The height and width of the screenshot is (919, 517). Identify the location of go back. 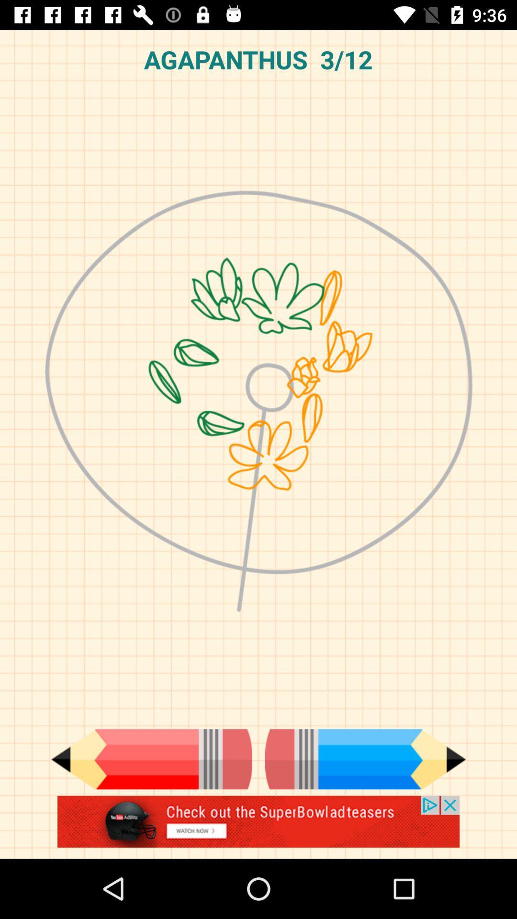
(151, 759).